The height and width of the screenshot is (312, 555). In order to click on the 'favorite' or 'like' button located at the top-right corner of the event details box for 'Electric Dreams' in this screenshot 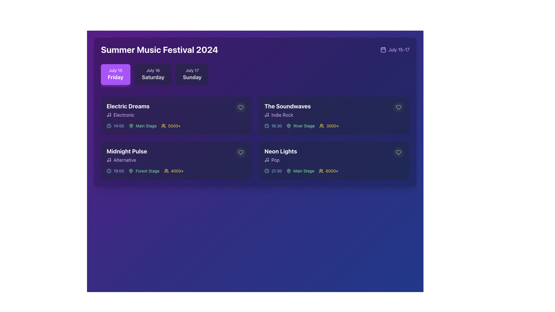, I will do `click(241, 107)`.